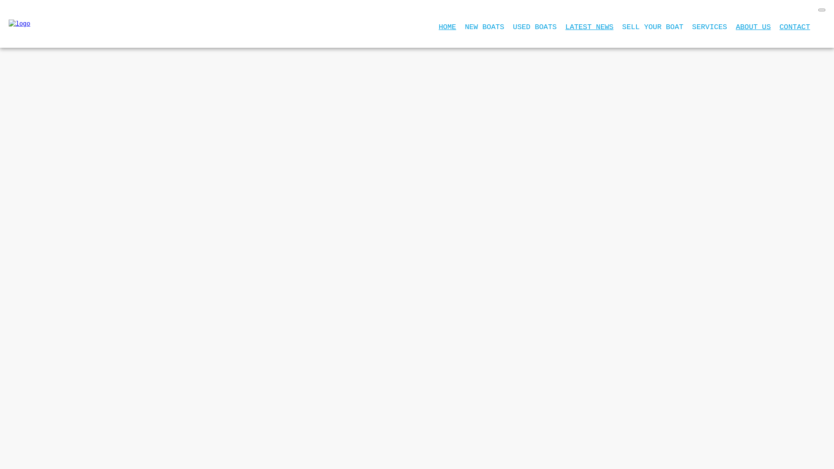  What do you see at coordinates (652, 26) in the screenshot?
I see `'SELL YOUR BOAT'` at bounding box center [652, 26].